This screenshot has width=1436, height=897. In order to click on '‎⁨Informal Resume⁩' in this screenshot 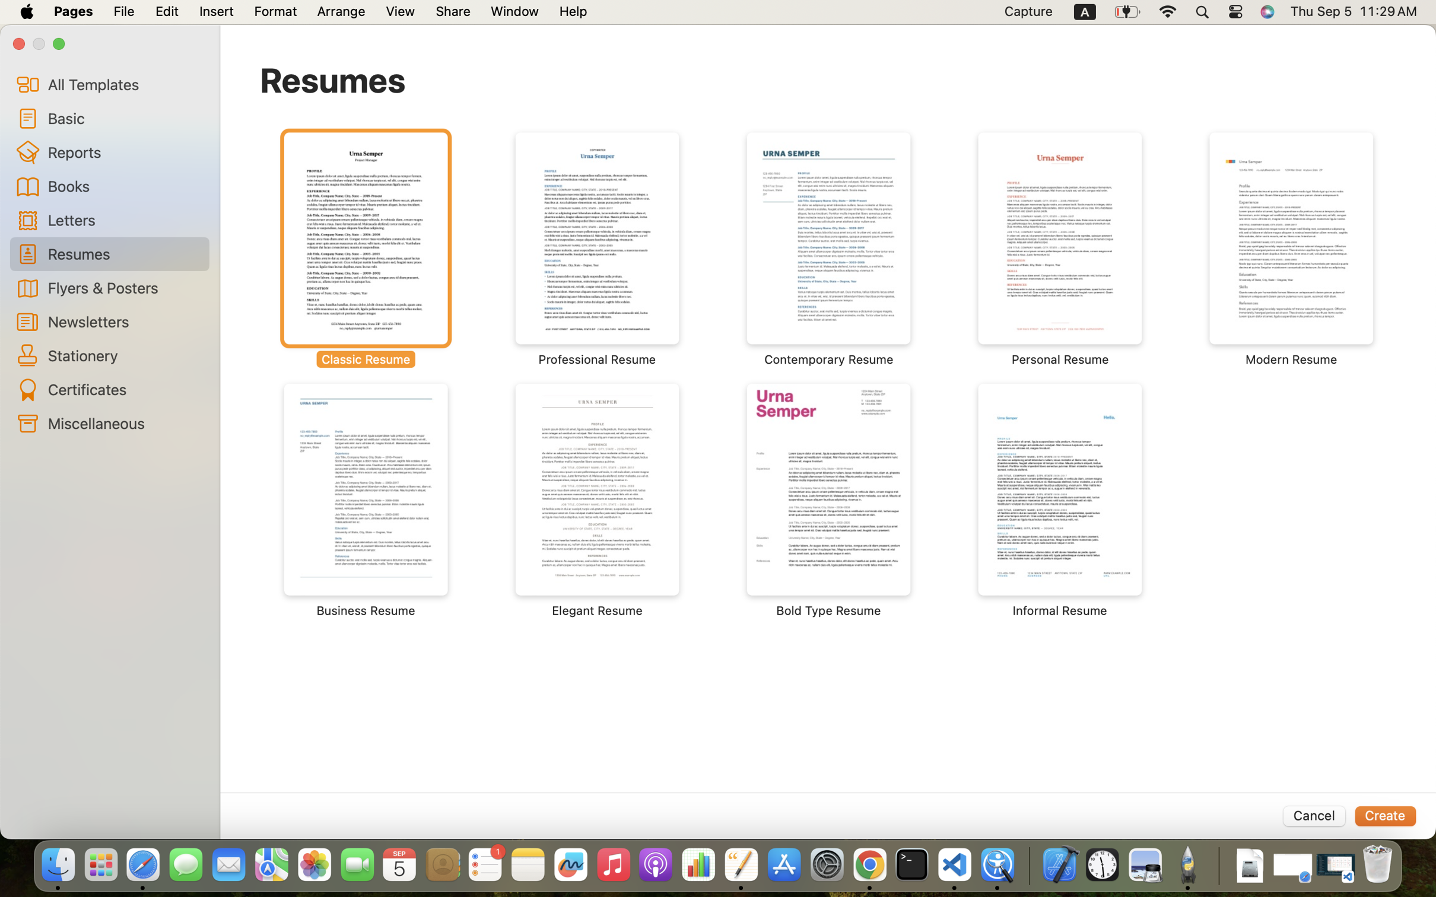, I will do `click(1060, 500)`.